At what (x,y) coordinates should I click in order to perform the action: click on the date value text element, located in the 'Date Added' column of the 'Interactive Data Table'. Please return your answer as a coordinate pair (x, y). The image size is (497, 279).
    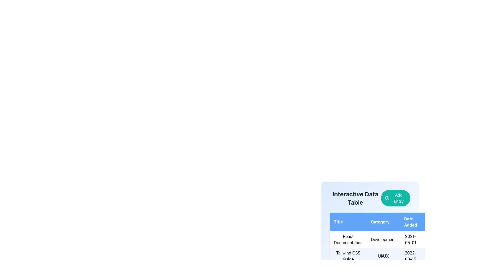
    Looking at the image, I should click on (410, 239).